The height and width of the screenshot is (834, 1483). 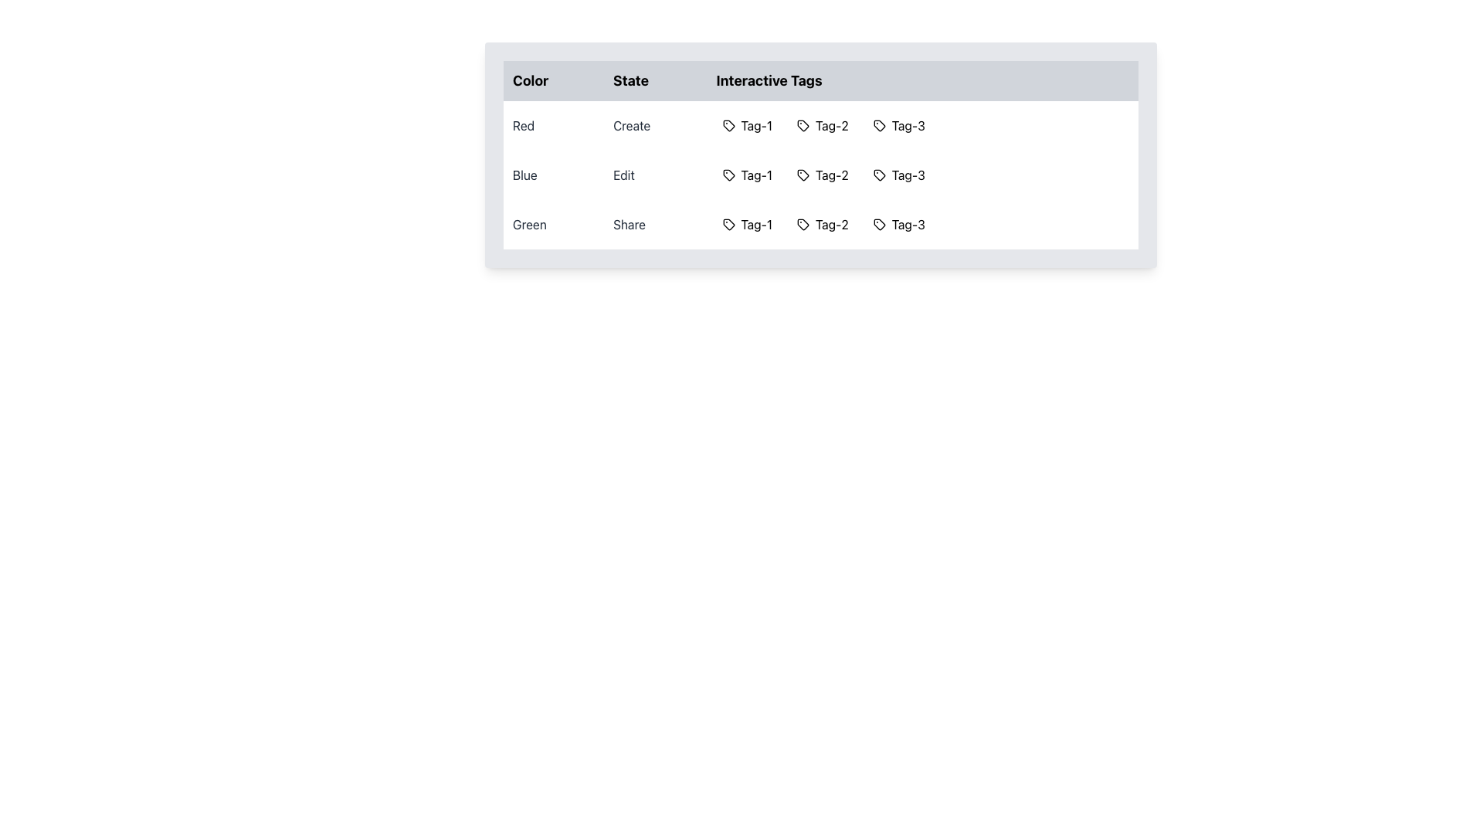 What do you see at coordinates (908, 175) in the screenshot?
I see `the 'Tag-3' label in the 'Interactive Tags' column, located in the third row of the table corresponding to the 'Edit' operation` at bounding box center [908, 175].